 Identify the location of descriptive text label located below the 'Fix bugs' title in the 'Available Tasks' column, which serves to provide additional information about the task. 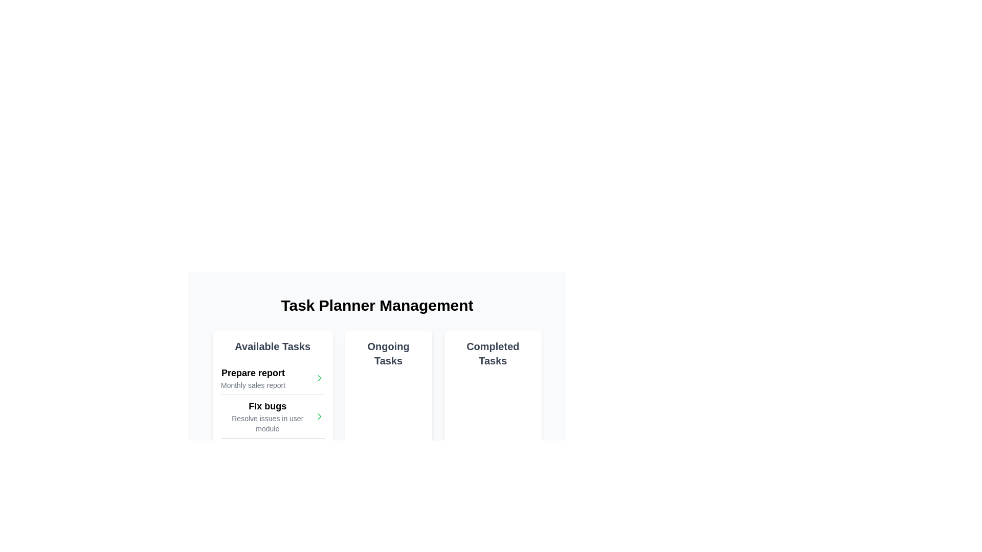
(267, 424).